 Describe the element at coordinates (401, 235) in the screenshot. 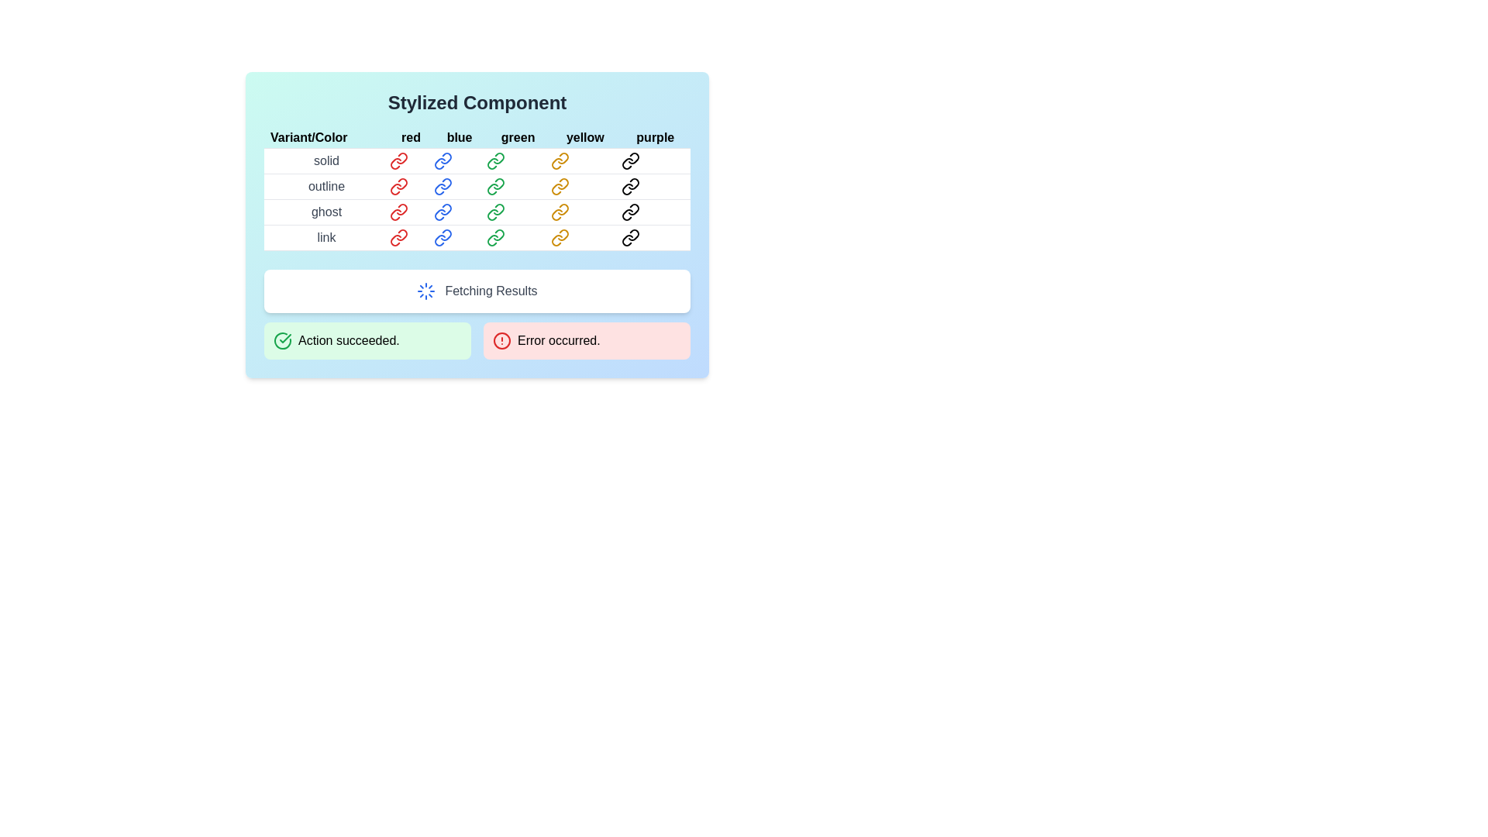

I see `the red link icon located in the 'link' row under the 'red' column of the stylized table interface, which features a modern design with a sharp look` at that location.